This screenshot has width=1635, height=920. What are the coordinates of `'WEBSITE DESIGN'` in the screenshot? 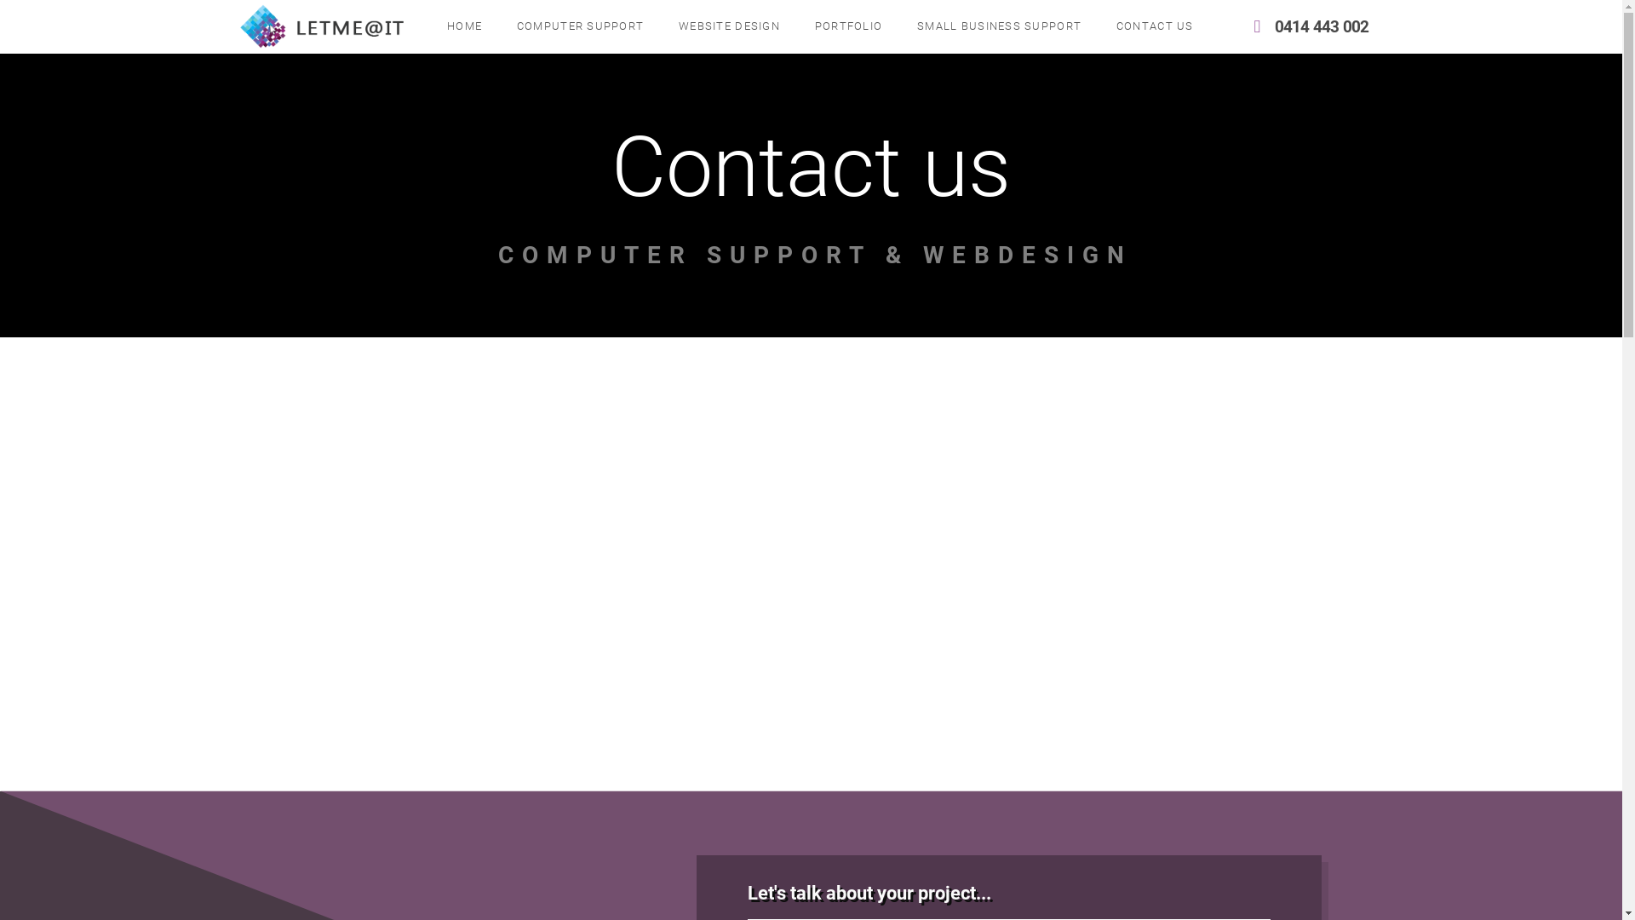 It's located at (728, 26).